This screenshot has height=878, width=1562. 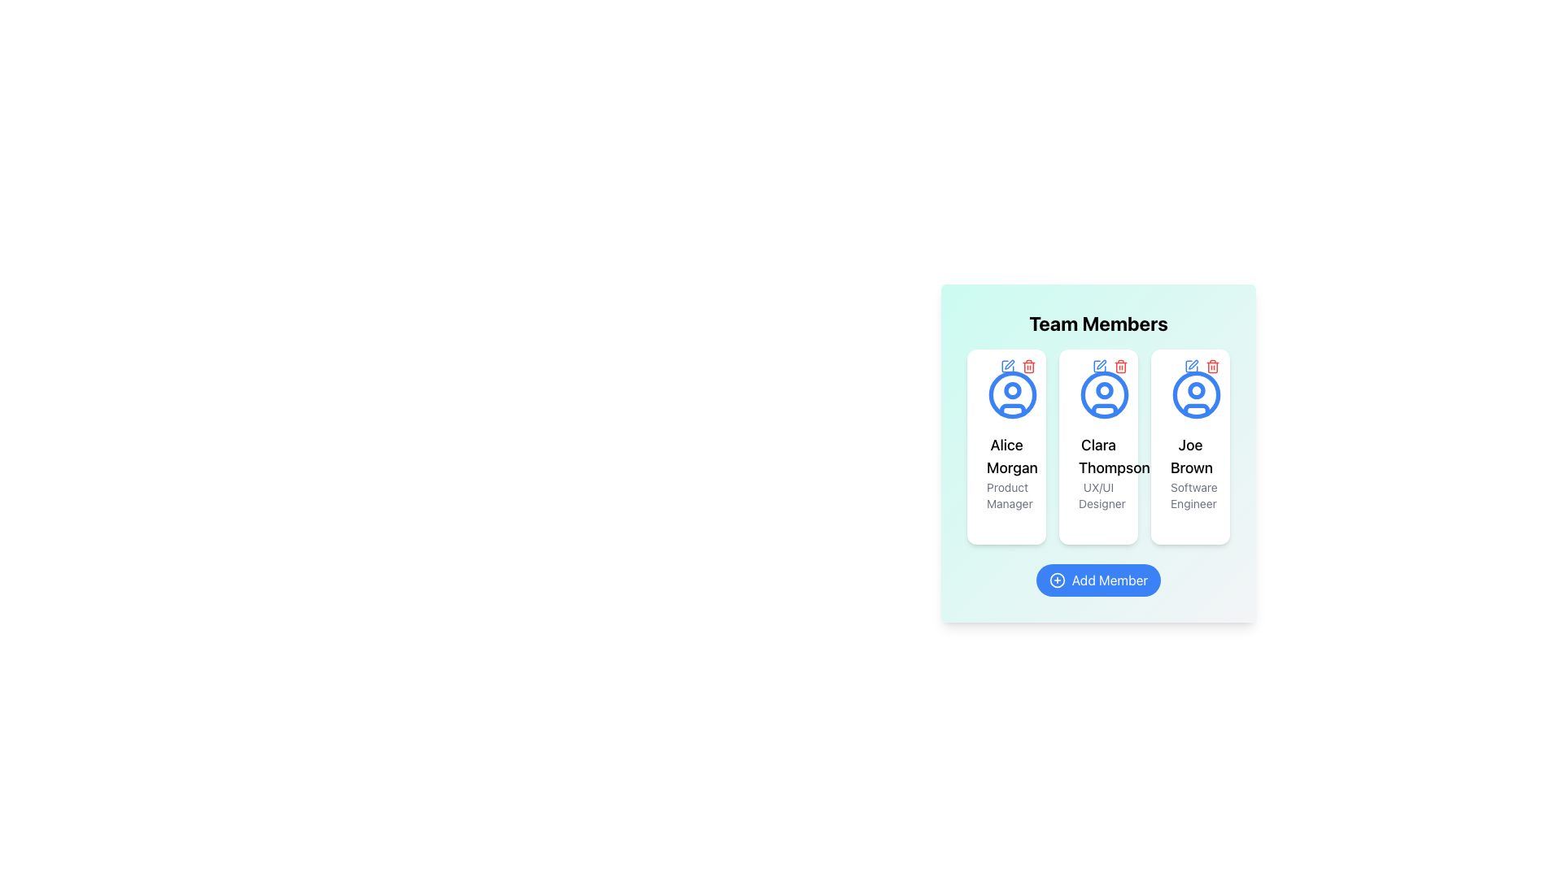 What do you see at coordinates (1098, 323) in the screenshot?
I see `text from the prominent 'Team Members' header, which is a large, bold, and centered text label at the top of the team member section` at bounding box center [1098, 323].